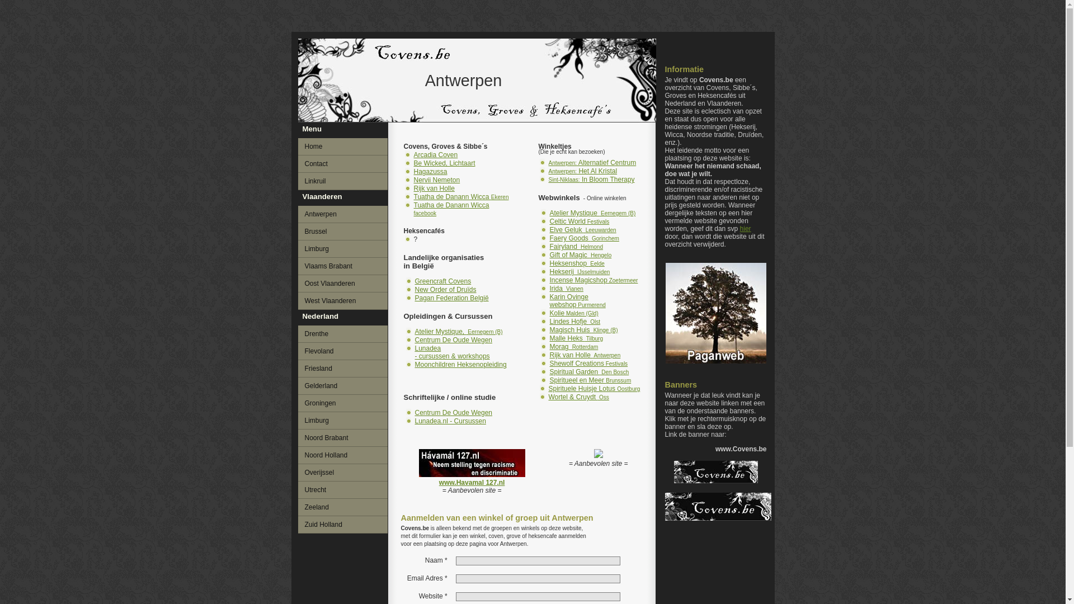  What do you see at coordinates (548, 396) in the screenshot?
I see `'Wortel & Cruydt  Oss'` at bounding box center [548, 396].